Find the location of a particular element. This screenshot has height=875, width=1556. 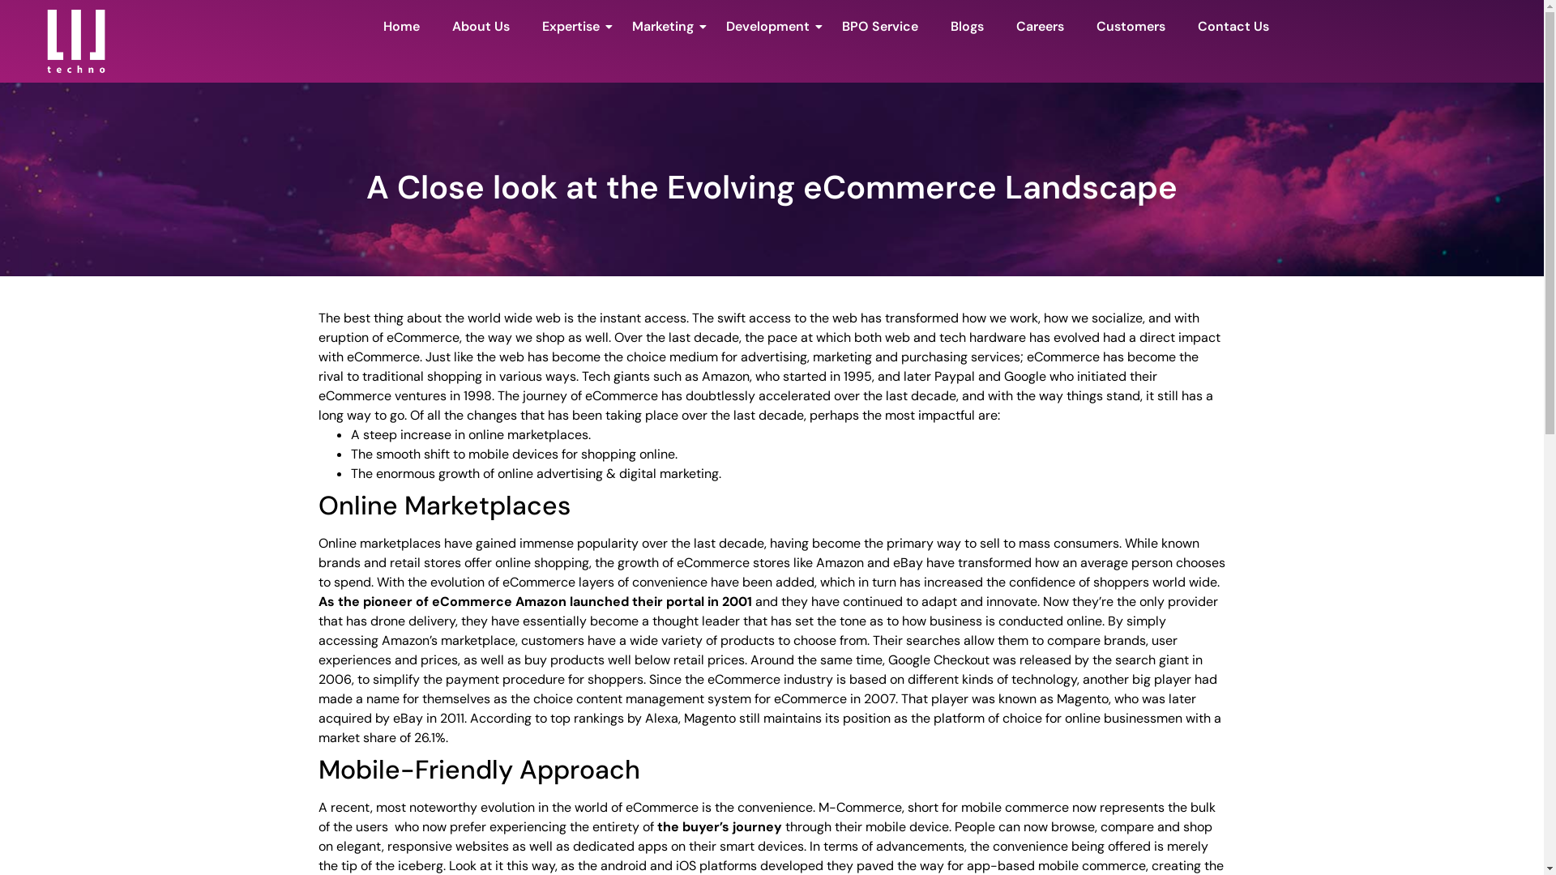

'Contact Us' is located at coordinates (1232, 28).